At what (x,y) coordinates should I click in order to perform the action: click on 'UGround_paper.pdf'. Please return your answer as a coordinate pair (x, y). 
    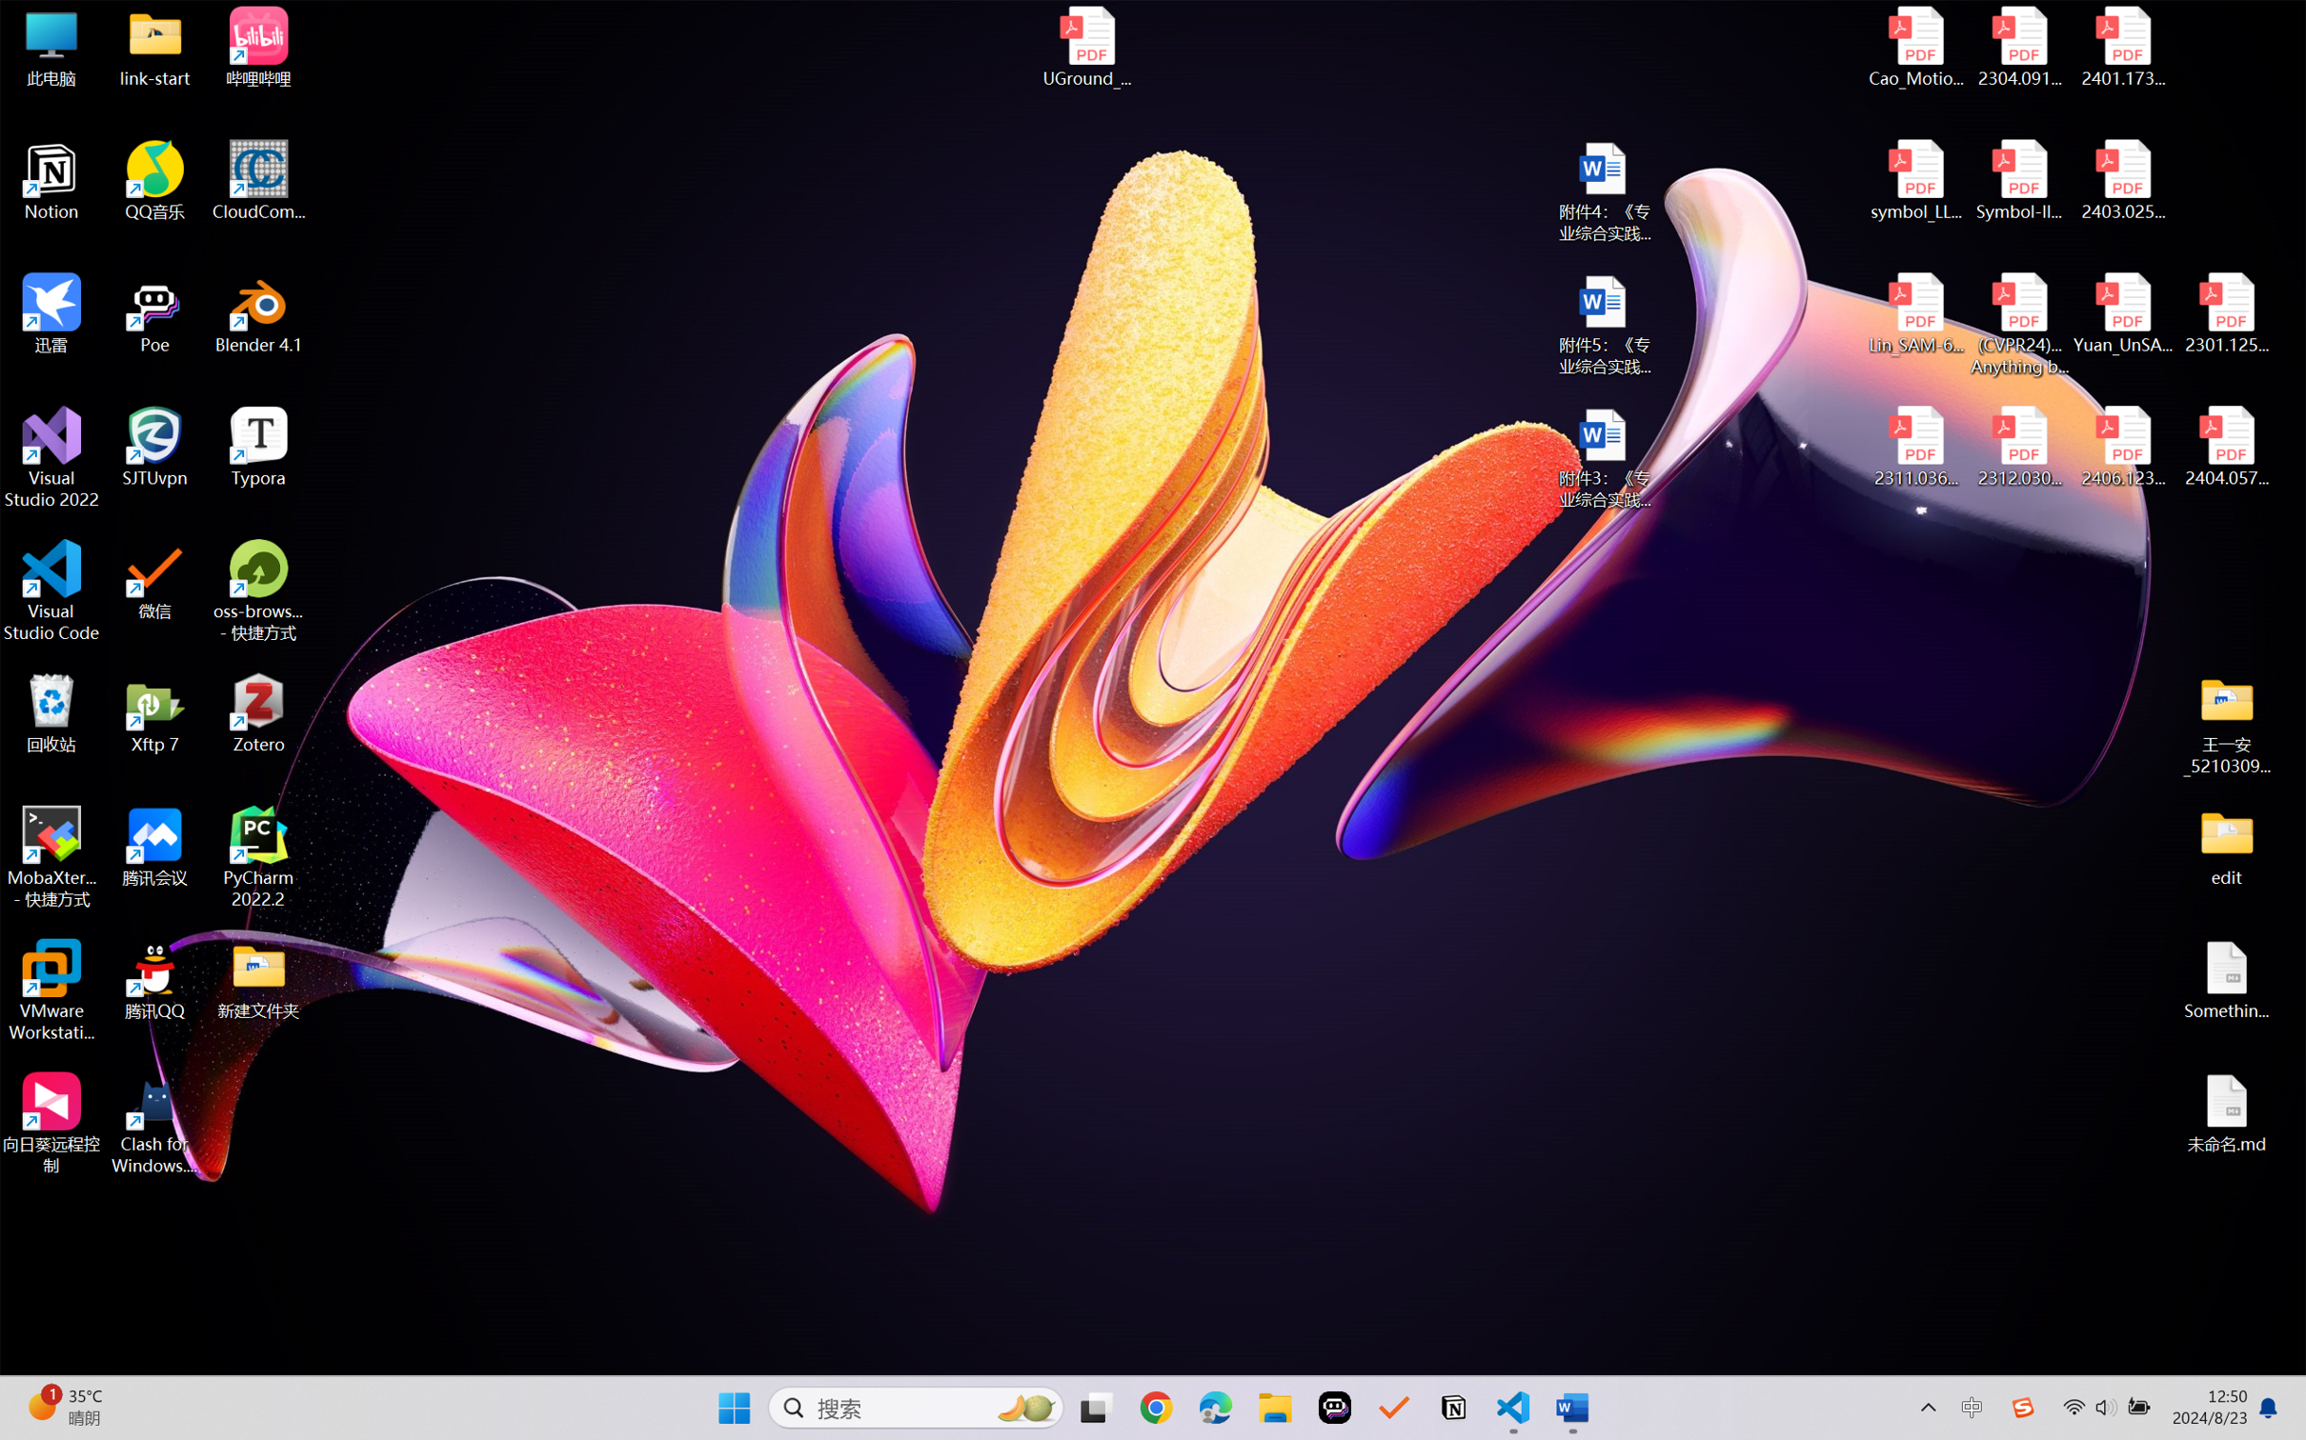
    Looking at the image, I should click on (1087, 47).